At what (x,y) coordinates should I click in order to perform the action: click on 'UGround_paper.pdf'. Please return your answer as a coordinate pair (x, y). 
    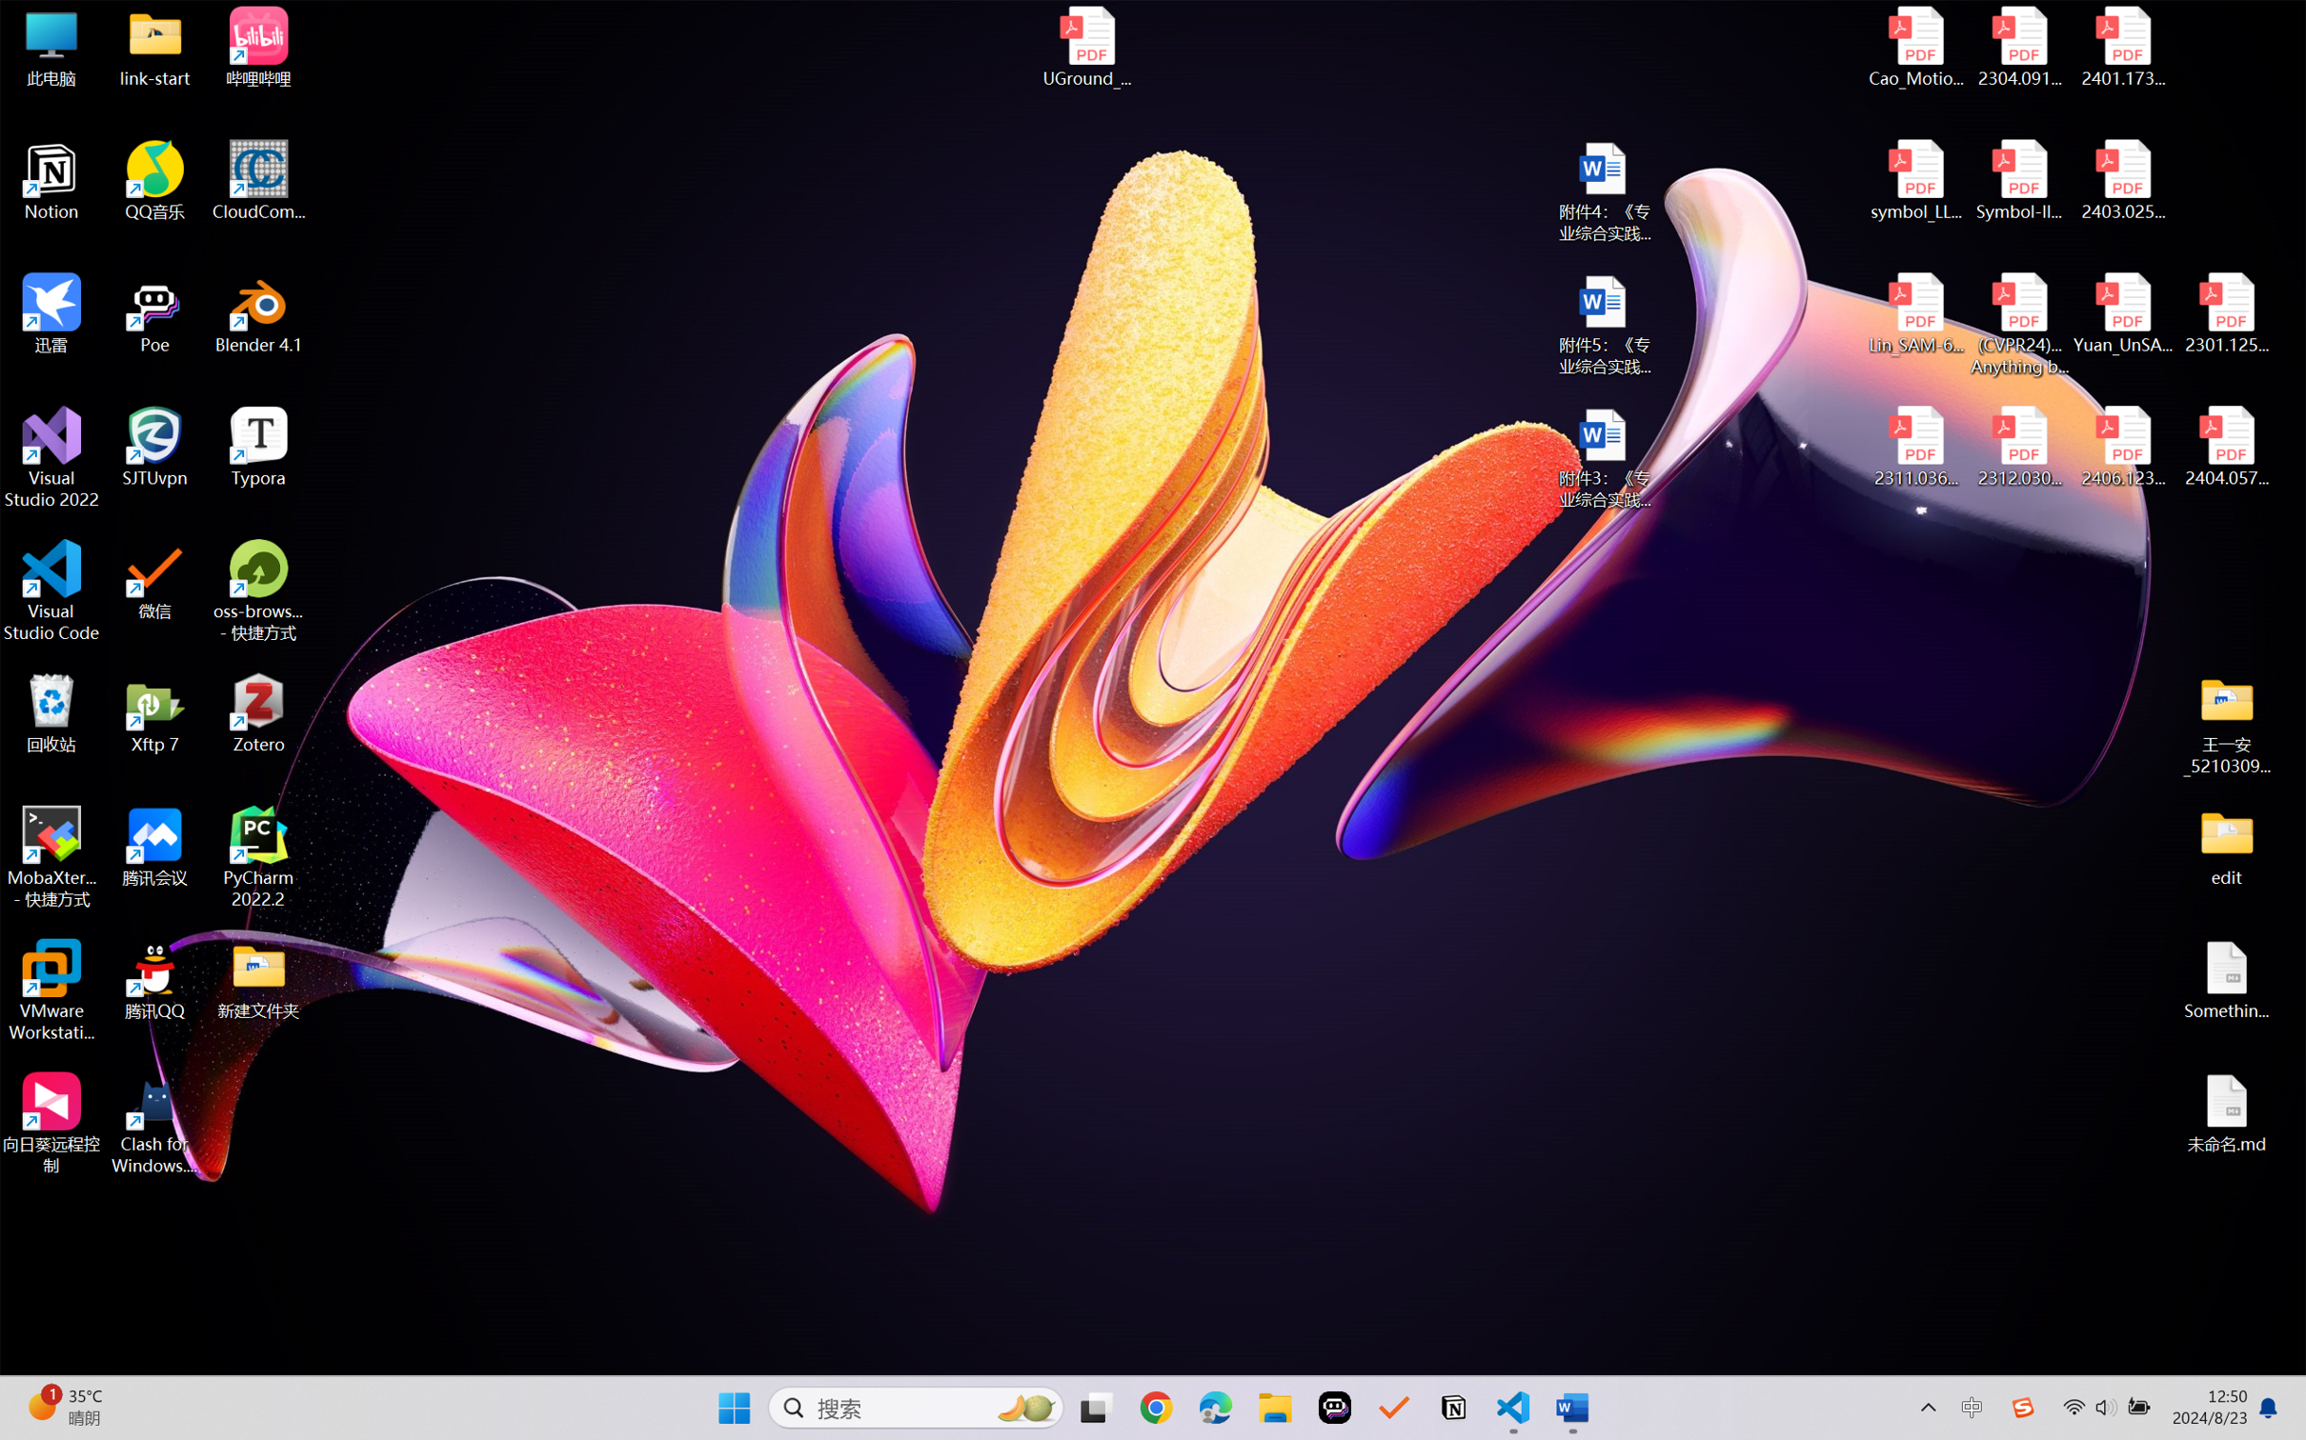
    Looking at the image, I should click on (1087, 47).